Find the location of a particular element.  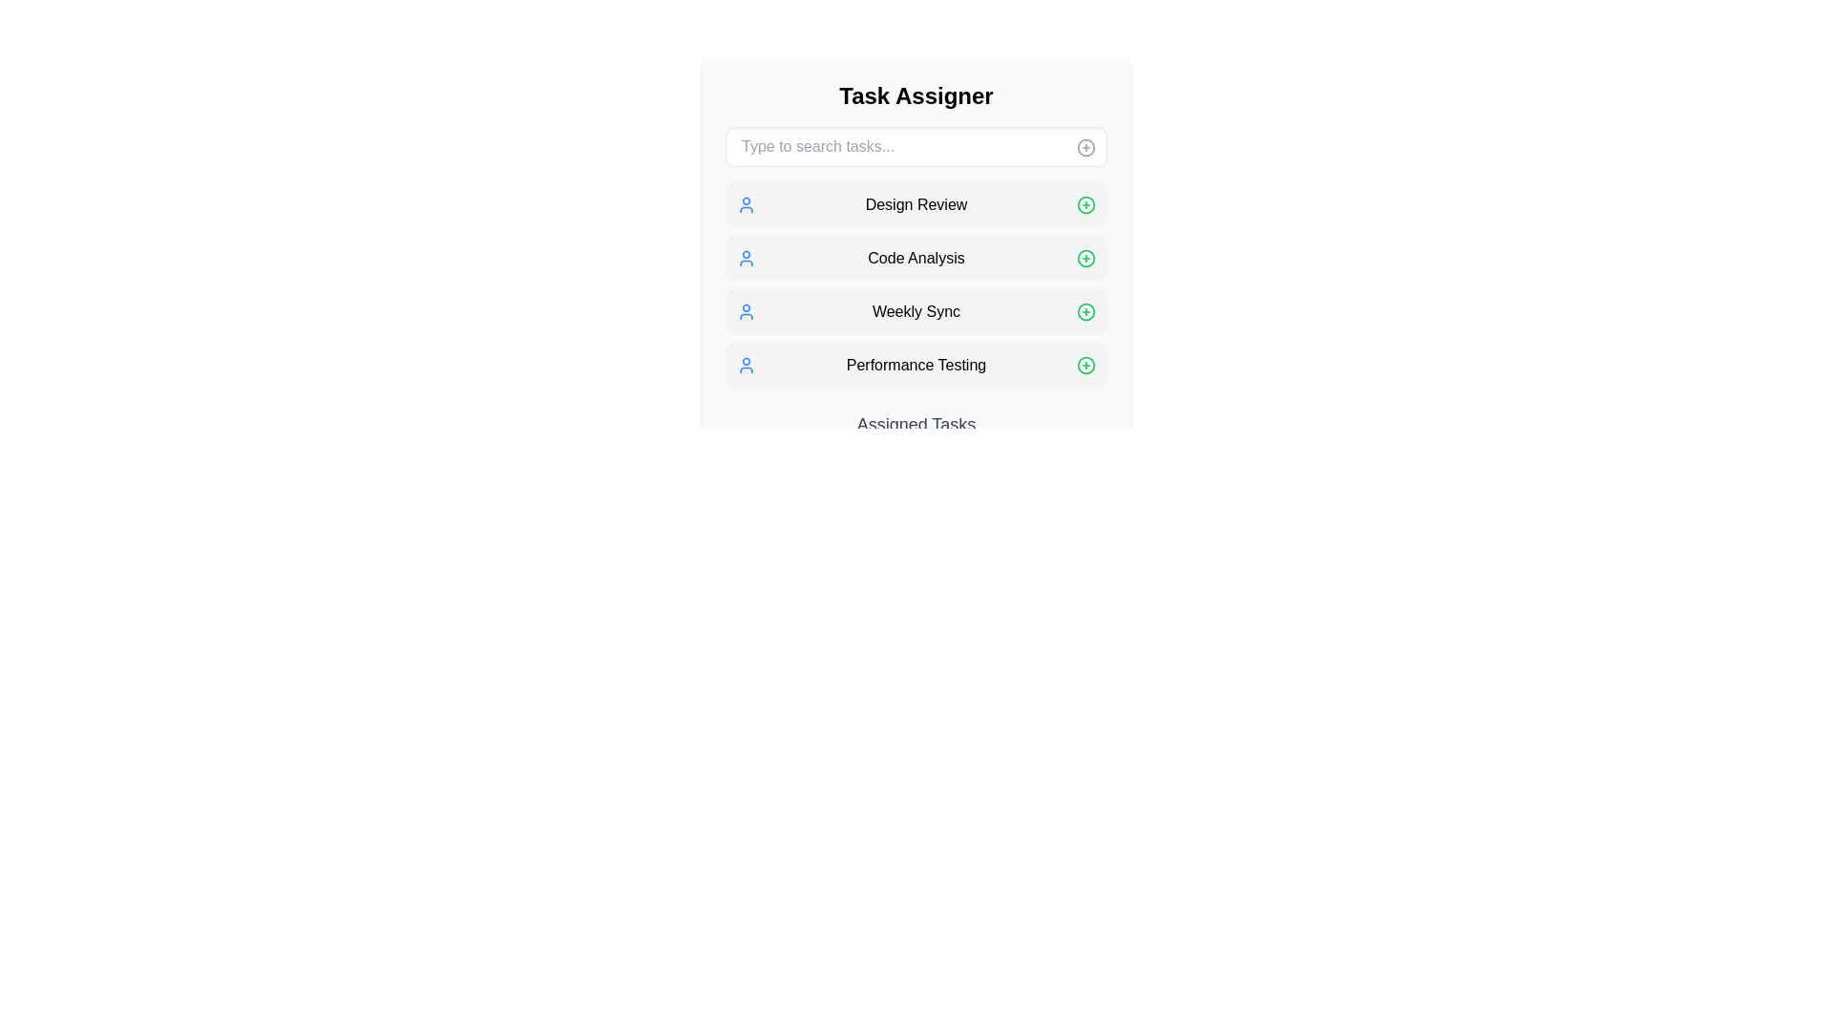

the circular green bordered button with a plus sign inside, located at the far right of the 'Code Analysis' row, for accessibility interactions is located at coordinates (1085, 258).